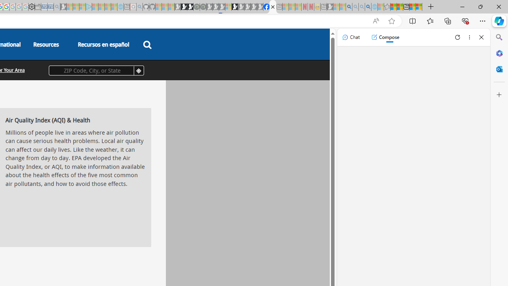 Image resolution: width=508 pixels, height=286 pixels. Describe the element at coordinates (330, 7) in the screenshot. I see `'MSN - Sleeping'` at that location.